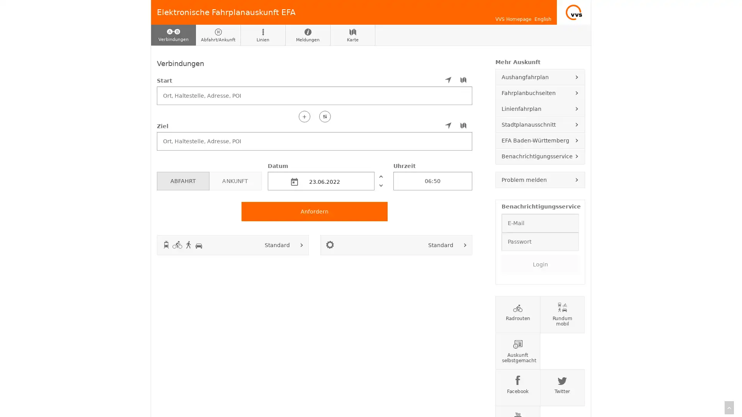 Image resolution: width=742 pixels, height=417 pixels. I want to click on +, so click(304, 116).